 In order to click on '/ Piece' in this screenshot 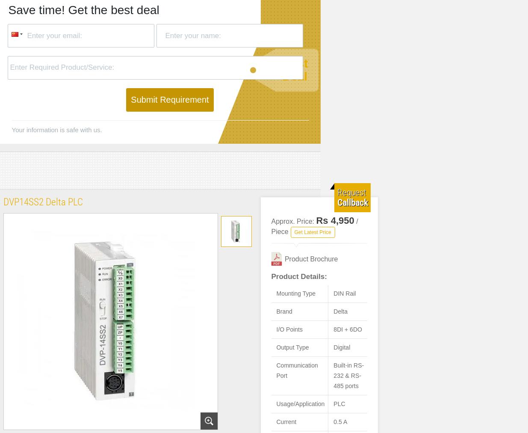, I will do `click(314, 226)`.